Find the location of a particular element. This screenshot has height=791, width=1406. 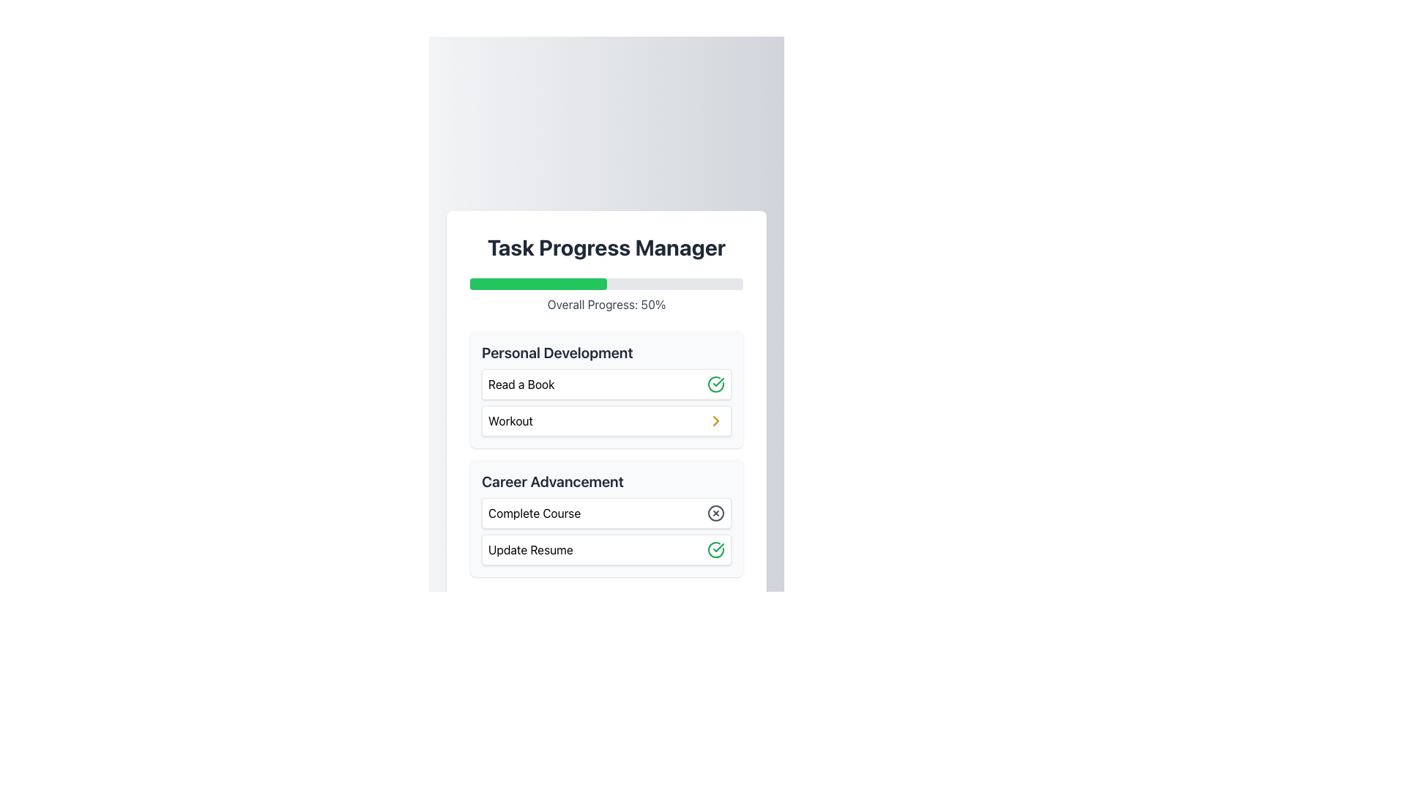

the green outlined circle icon with a checkmark inside it, located in the 'Update Resume' panel of the 'Career Advancement' section is located at coordinates (716, 550).